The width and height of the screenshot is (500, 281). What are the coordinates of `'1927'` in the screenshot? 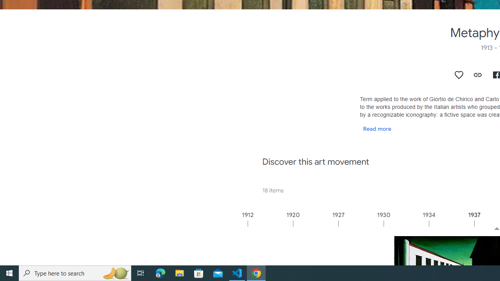 It's located at (360, 223).